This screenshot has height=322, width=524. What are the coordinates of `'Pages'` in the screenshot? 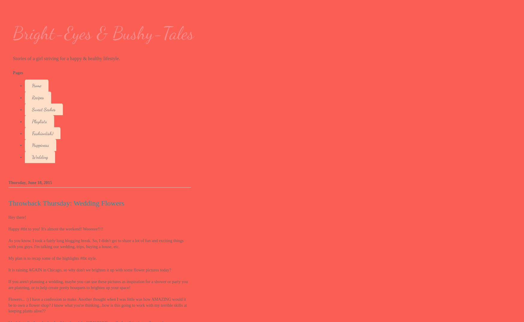 It's located at (18, 73).